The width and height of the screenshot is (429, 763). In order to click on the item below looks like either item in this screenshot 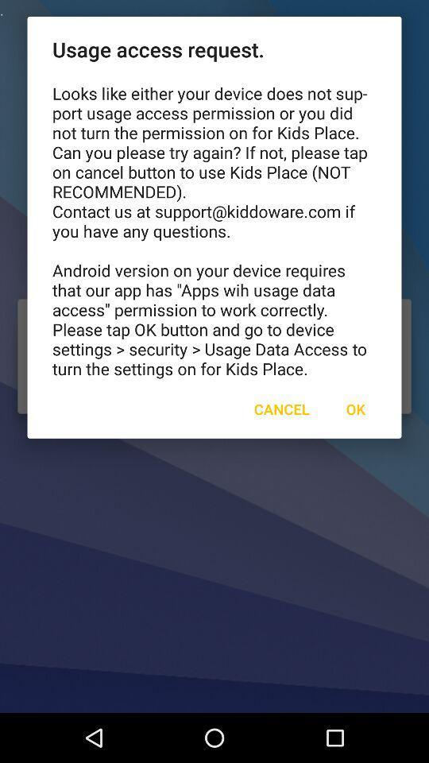, I will do `click(280, 408)`.